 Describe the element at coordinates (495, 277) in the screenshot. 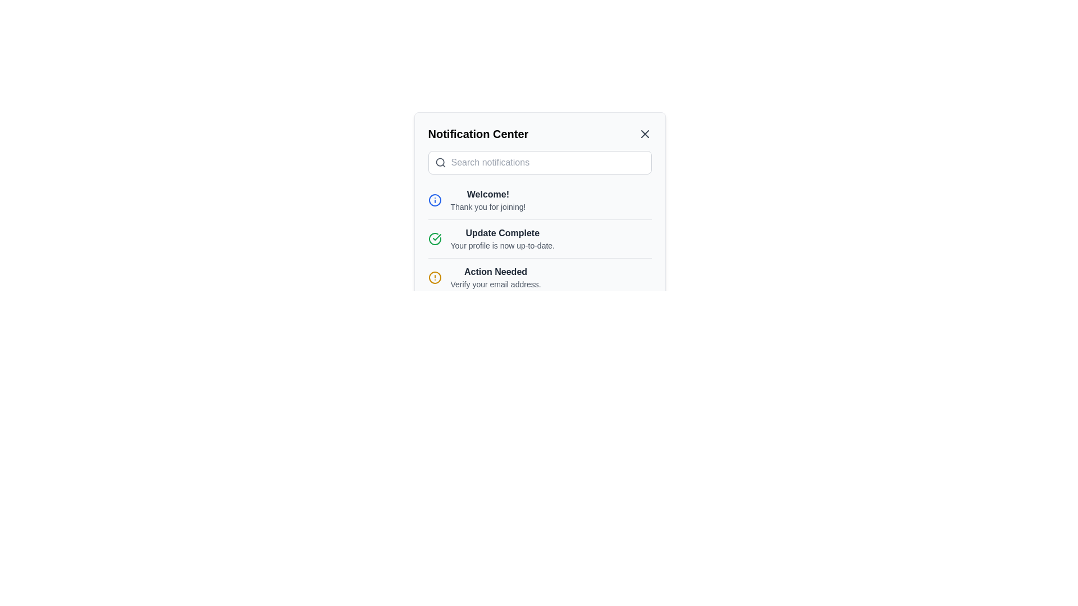

I see `text element that provides a notification to verify the user's email address, which is the third item under the 'Notification Center' header` at that location.